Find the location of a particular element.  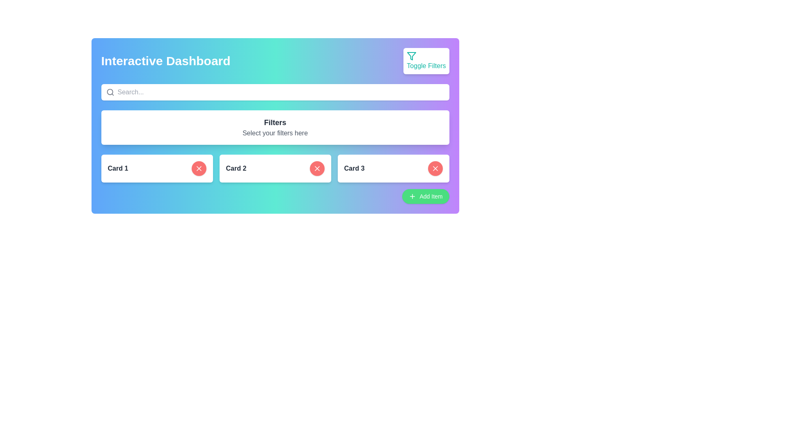

the delete Icon button located in the bottom section of 'Card 1' is located at coordinates (316, 168).